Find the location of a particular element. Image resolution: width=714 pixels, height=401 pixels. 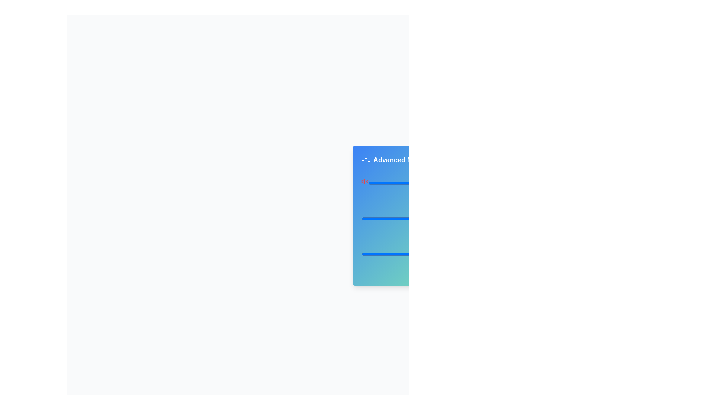

the slider value is located at coordinates (422, 218).